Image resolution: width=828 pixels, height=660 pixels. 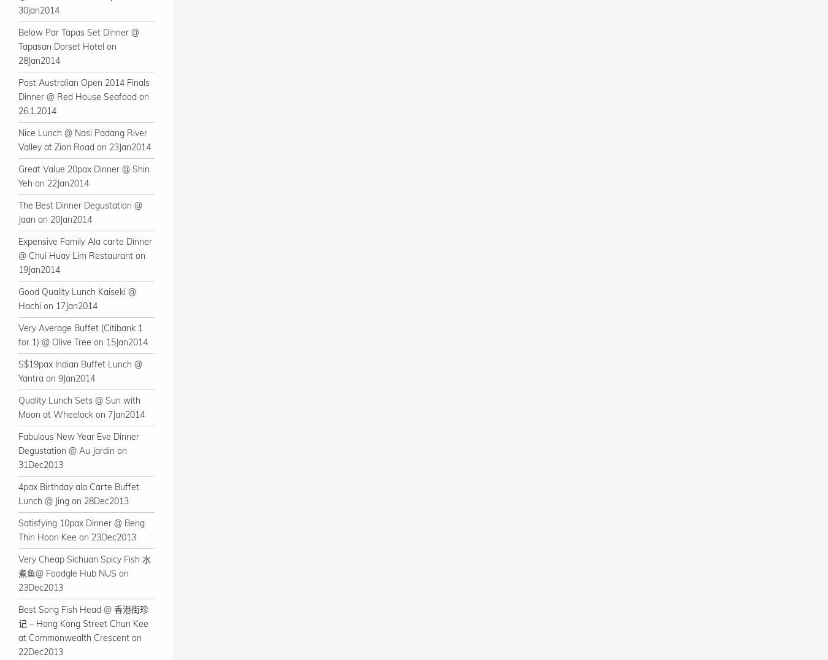 What do you see at coordinates (80, 371) in the screenshot?
I see `'S$19pax Indian Buffet Lunch @ Yantra on 9Jan2014'` at bounding box center [80, 371].